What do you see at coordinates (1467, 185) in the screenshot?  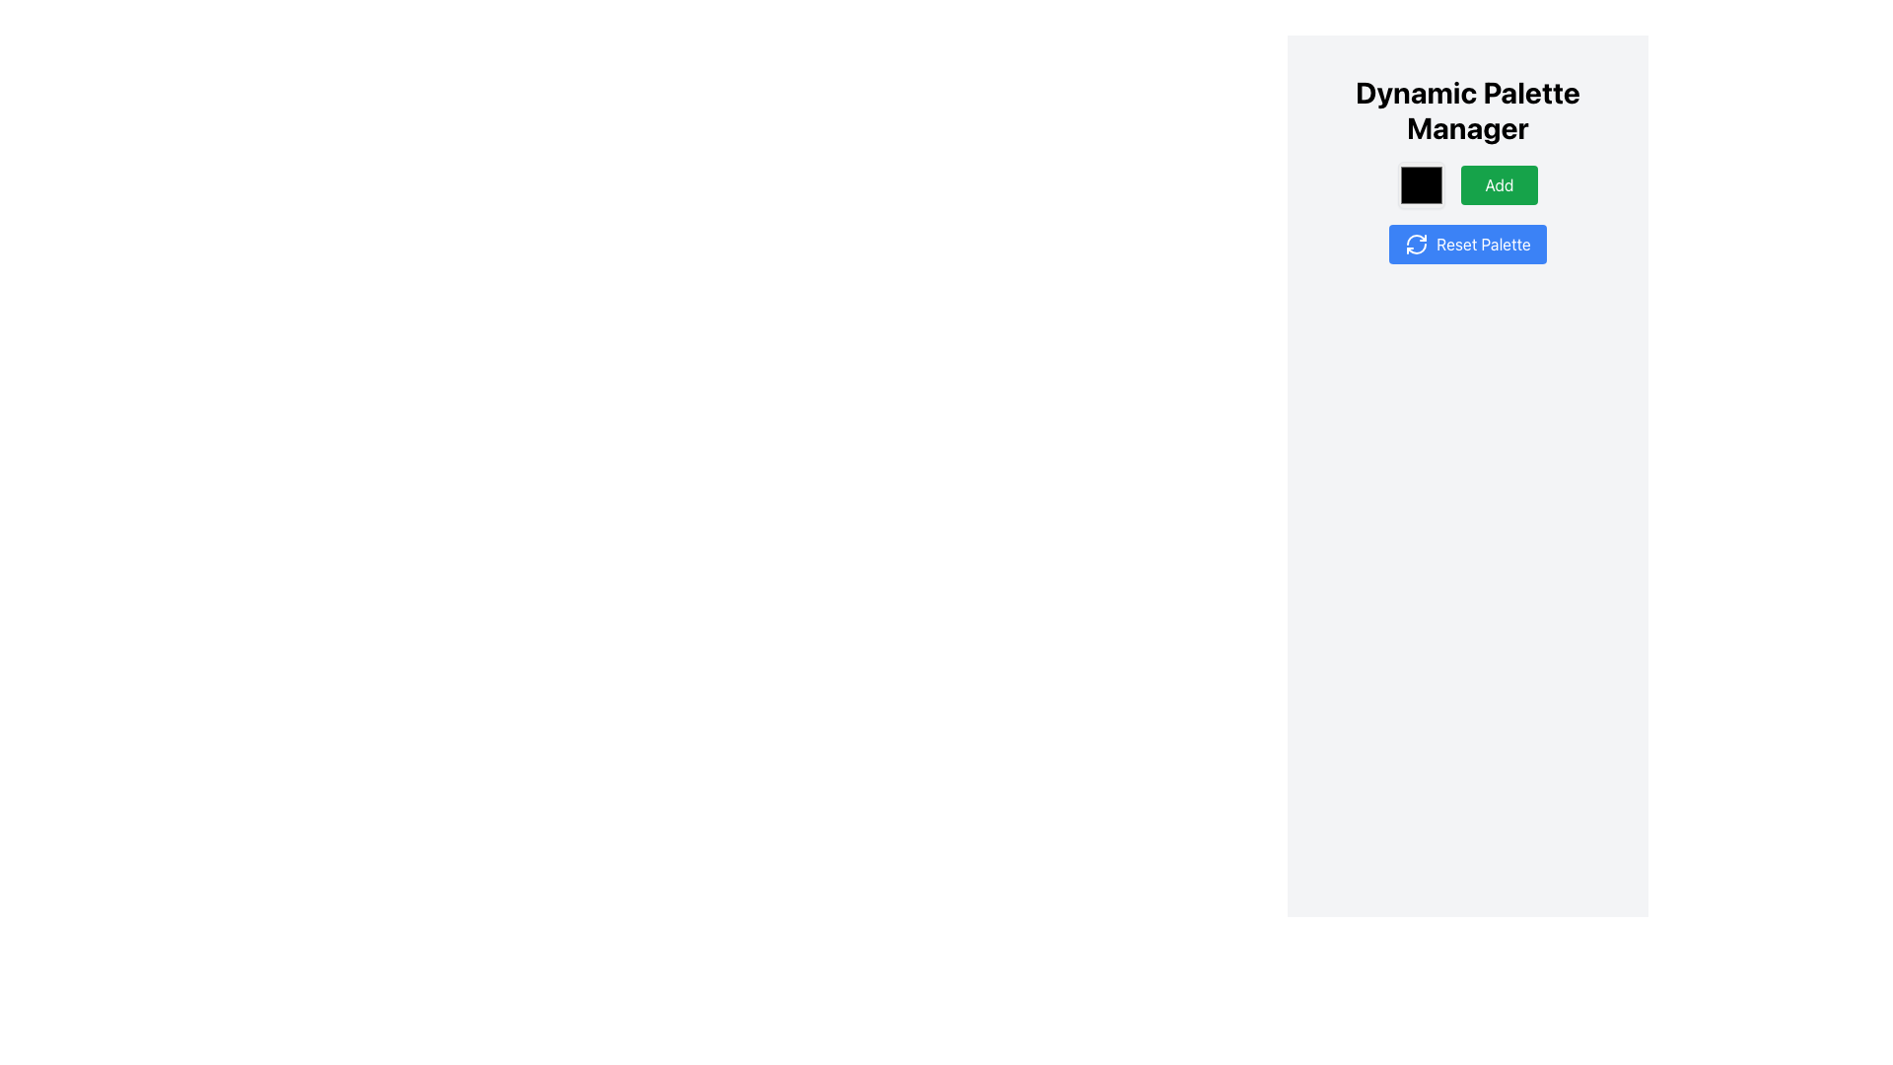 I see `the green 'Add' button with white text` at bounding box center [1467, 185].